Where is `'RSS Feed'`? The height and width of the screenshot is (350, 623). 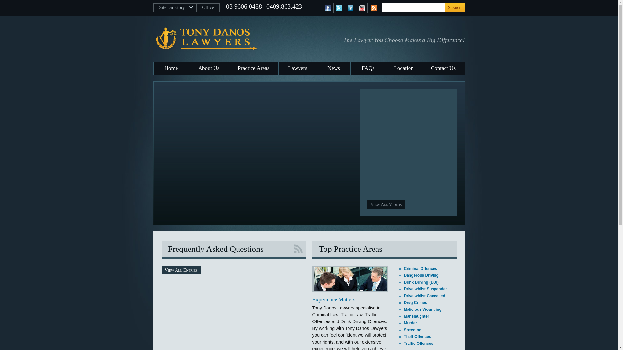 'RSS Feed' is located at coordinates (373, 8).